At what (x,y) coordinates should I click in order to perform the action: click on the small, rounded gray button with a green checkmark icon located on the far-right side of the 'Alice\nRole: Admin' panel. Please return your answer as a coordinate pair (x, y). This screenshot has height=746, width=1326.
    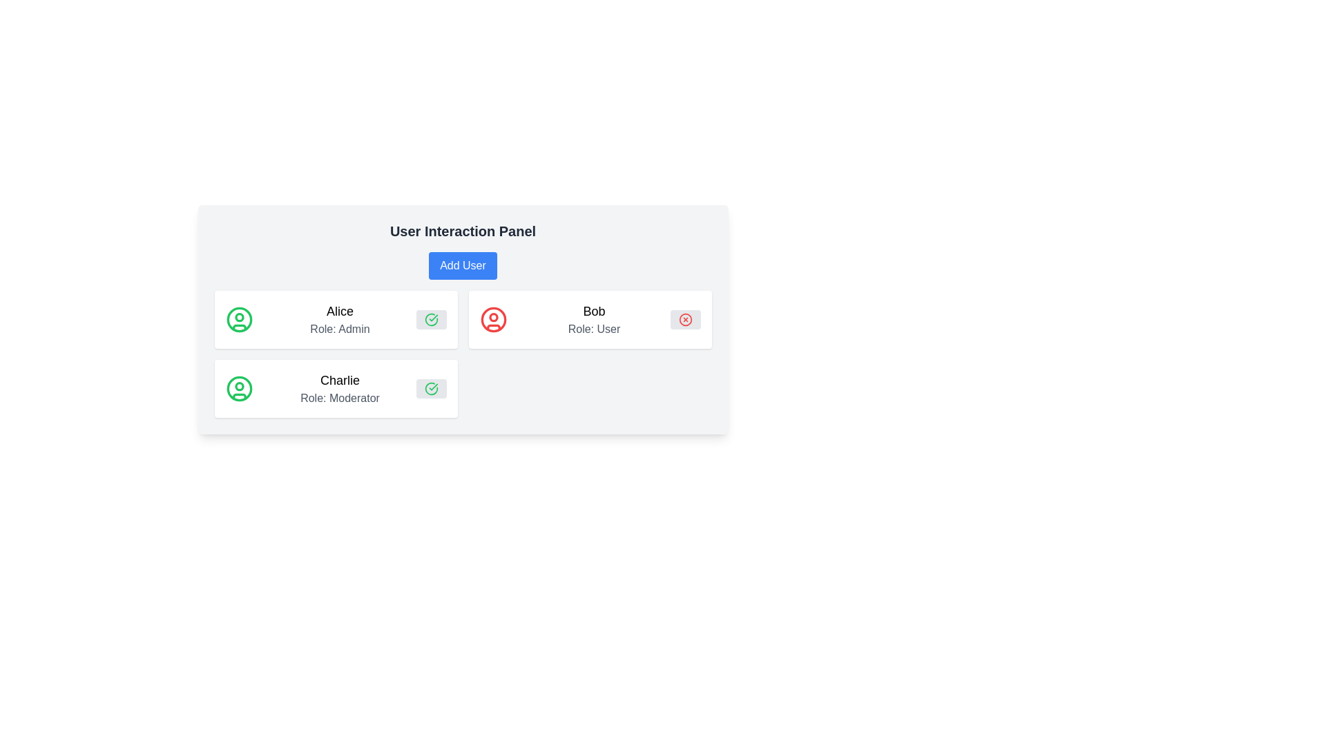
    Looking at the image, I should click on (430, 319).